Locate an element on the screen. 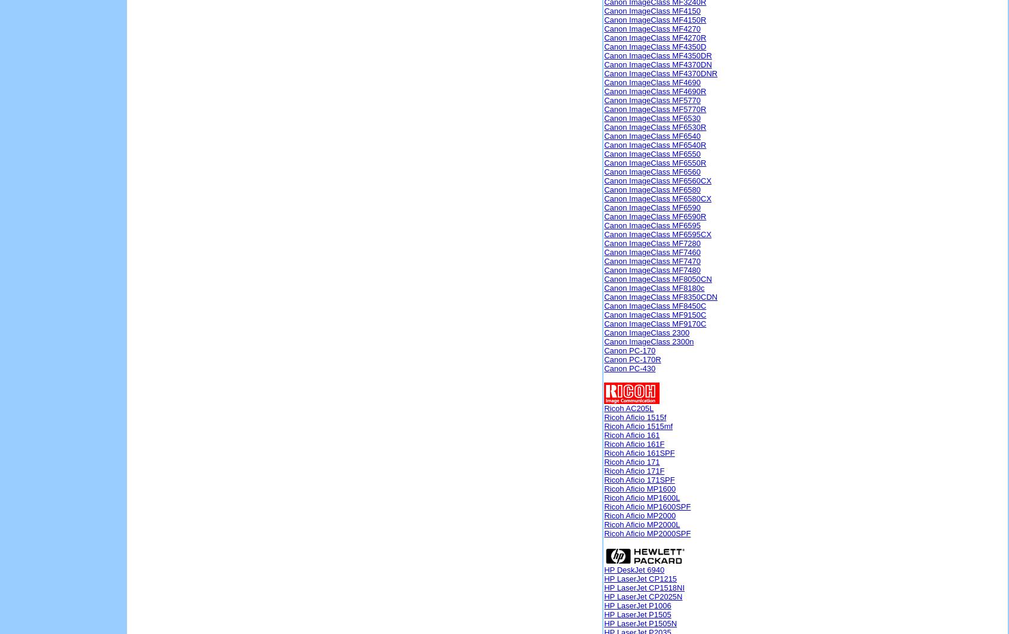  'Canon ImageClass MF4690R' is located at coordinates (603, 91).